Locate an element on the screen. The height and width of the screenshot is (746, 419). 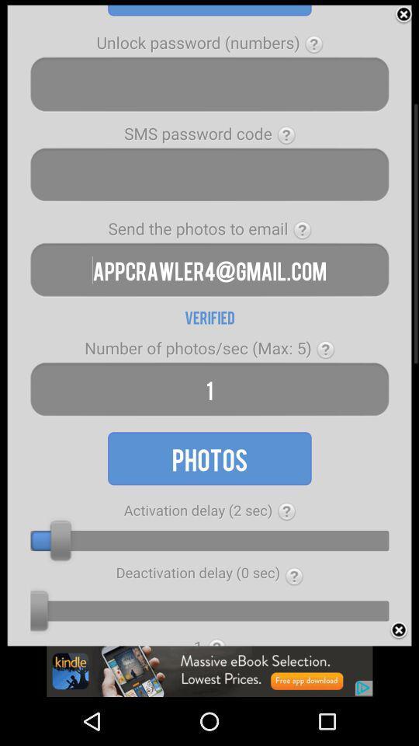
the close icon is located at coordinates (403, 15).